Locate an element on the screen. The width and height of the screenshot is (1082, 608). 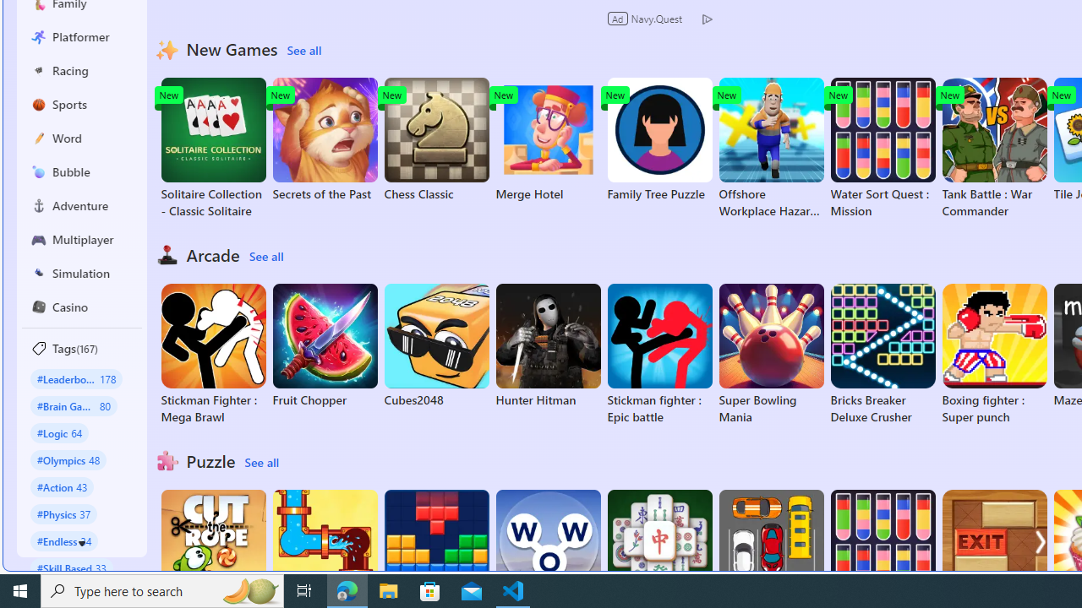
'#Skill Based 33' is located at coordinates (71, 567).